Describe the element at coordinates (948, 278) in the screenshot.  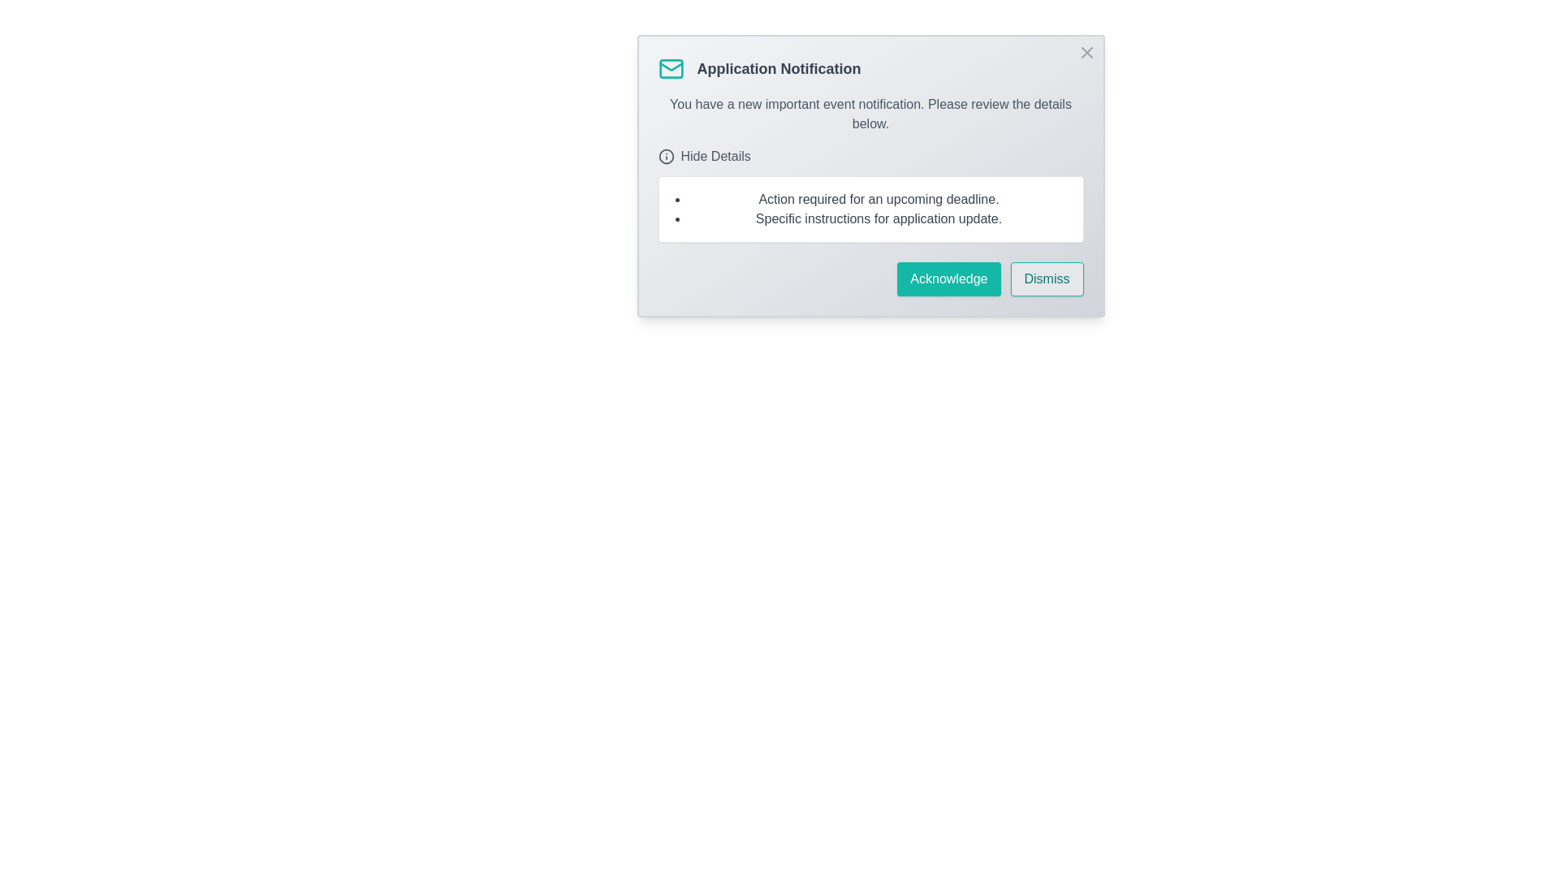
I see `the 'Acknowledge' button to confirm the notification` at that location.